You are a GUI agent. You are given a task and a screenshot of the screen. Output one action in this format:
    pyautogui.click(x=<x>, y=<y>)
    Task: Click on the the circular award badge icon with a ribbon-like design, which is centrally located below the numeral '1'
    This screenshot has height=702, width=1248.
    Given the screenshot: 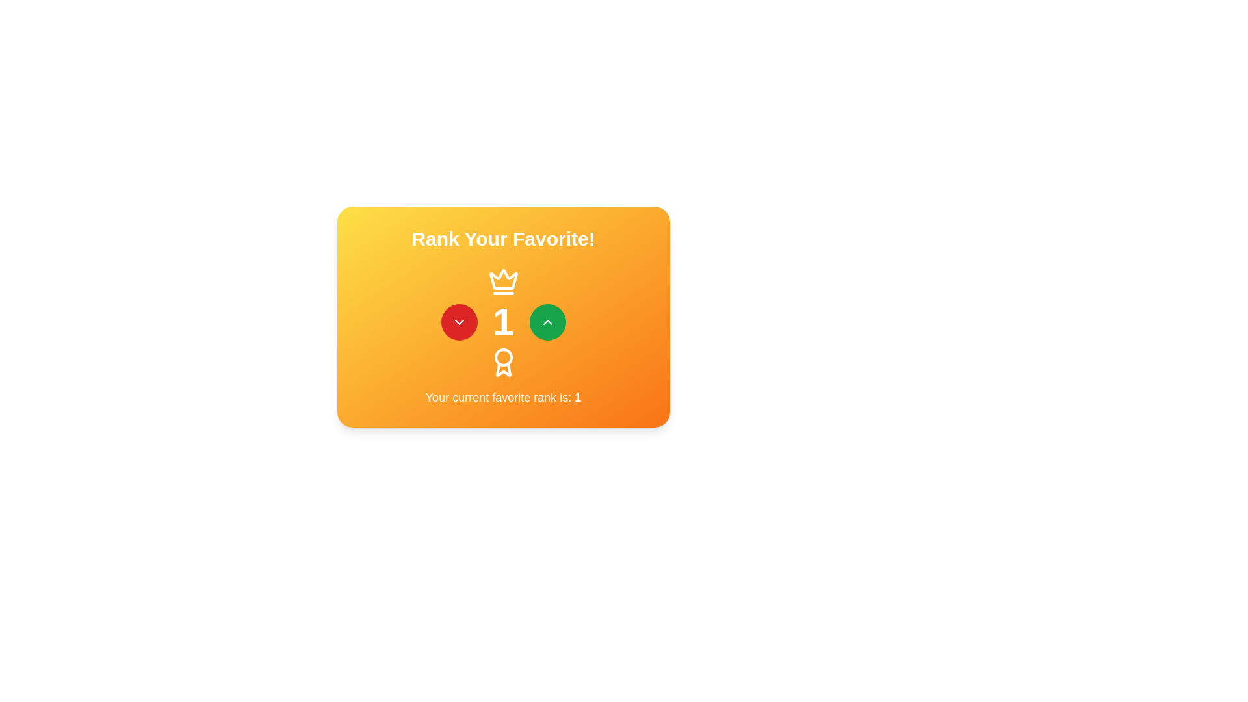 What is the action you would take?
    pyautogui.click(x=502, y=363)
    